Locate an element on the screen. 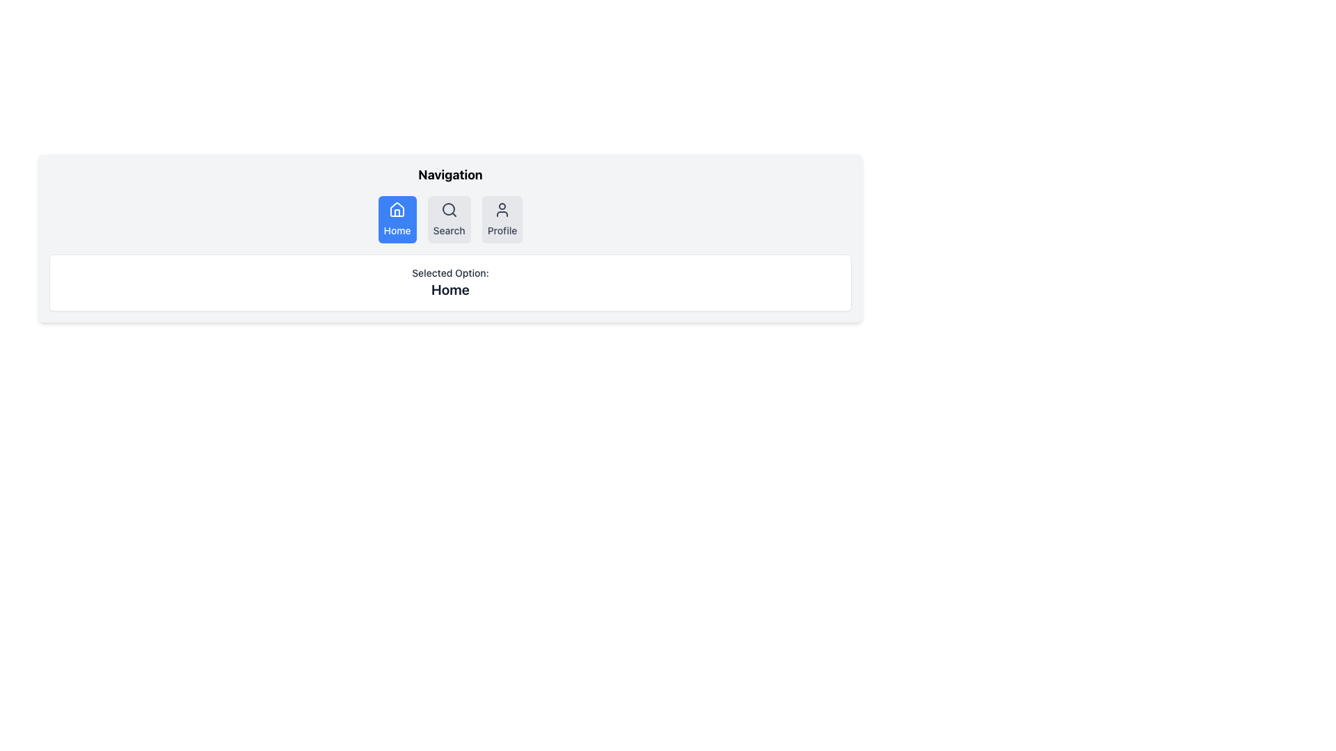 The height and width of the screenshot is (751, 1336). the Text Display Box displaying 'Selected Option: Home', which is centrally located beneath the navigation bar and has a white background with bold styling on 'Home' is located at coordinates (450, 282).